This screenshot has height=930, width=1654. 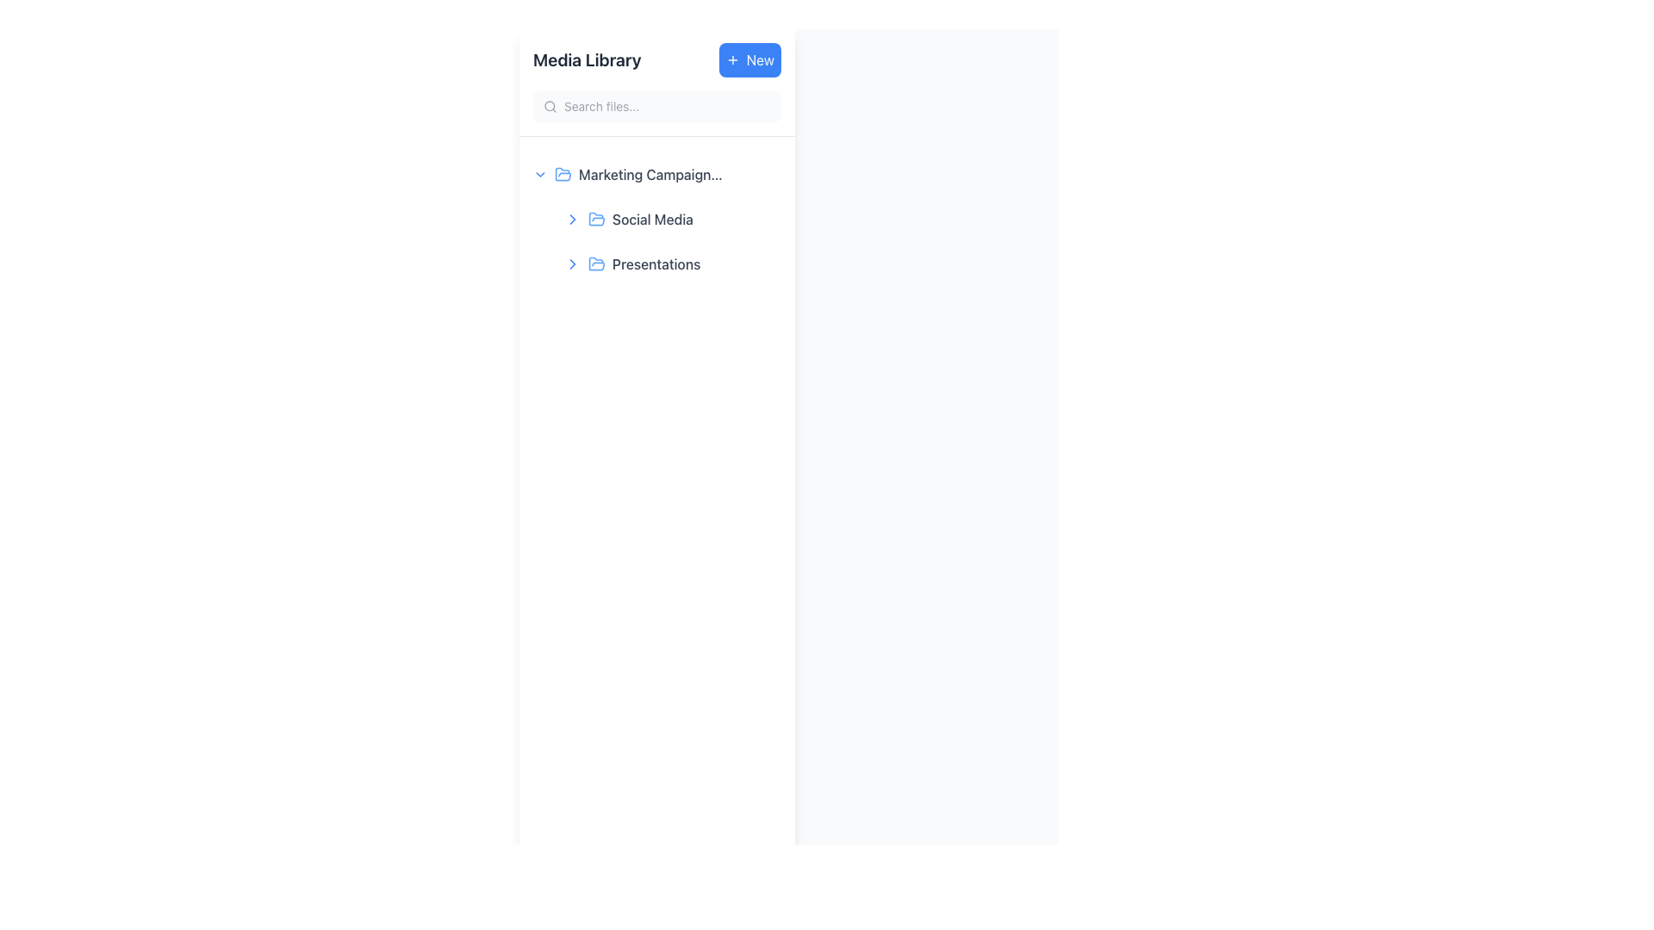 I want to click on the icon representing an open folder located under the 'Marketing Campaign' category, so click(x=596, y=218).